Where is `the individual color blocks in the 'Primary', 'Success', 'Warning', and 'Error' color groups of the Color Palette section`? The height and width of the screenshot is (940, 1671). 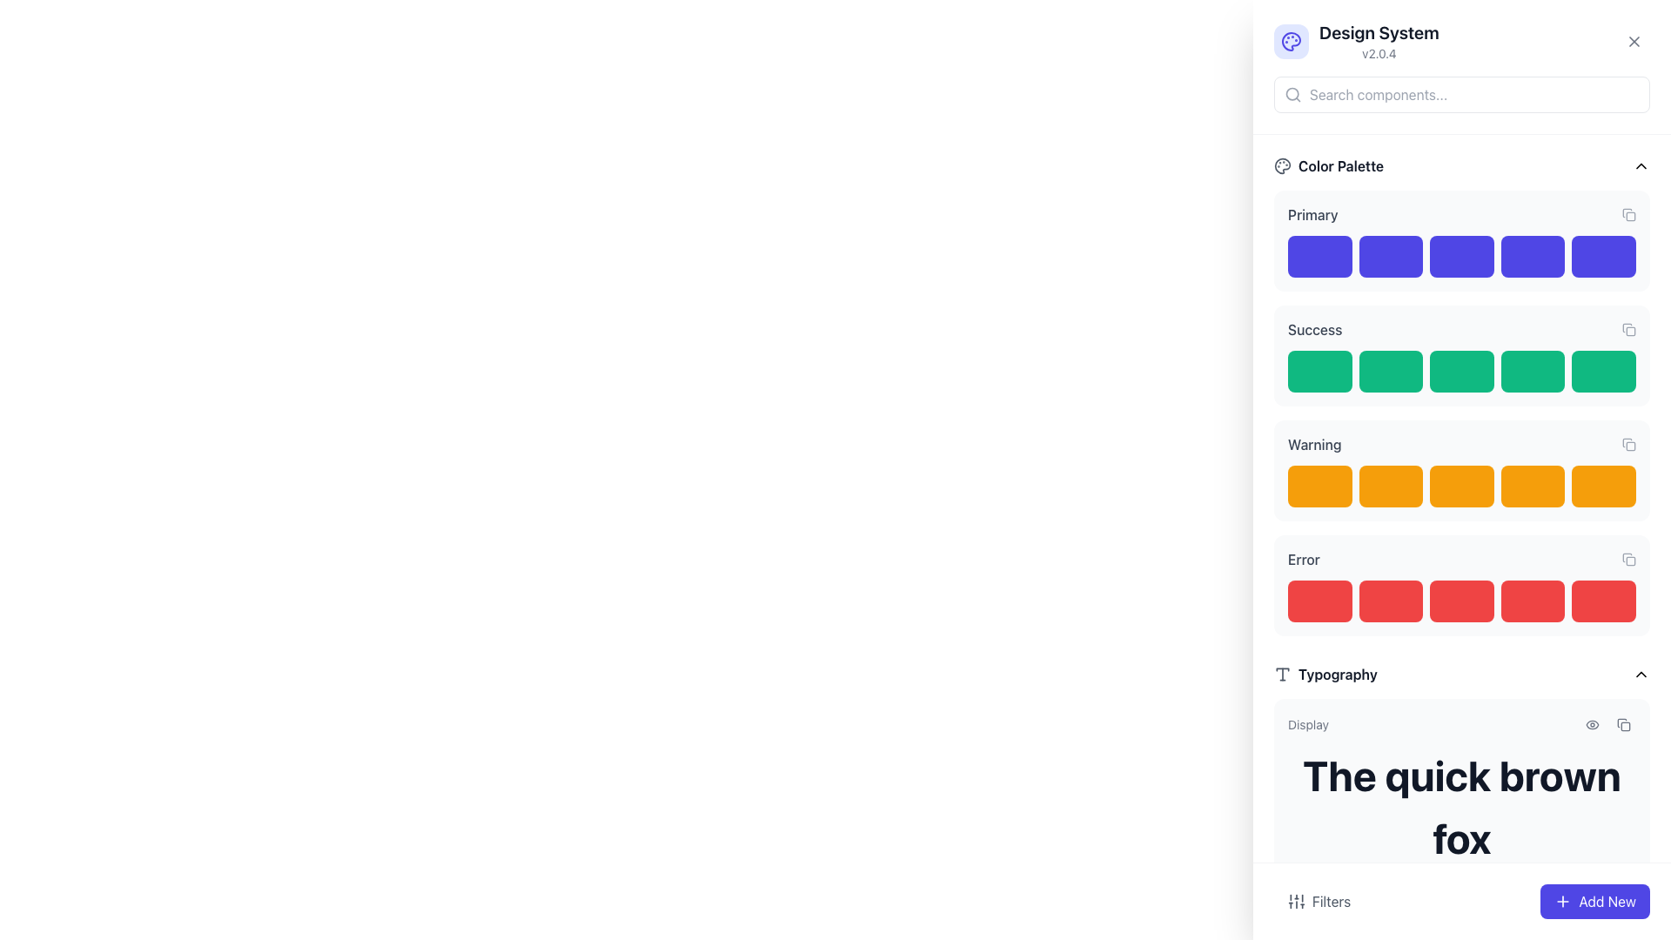
the individual color blocks in the 'Primary', 'Success', 'Warning', and 'Error' color groups of the Color Palette section is located at coordinates (1462, 413).